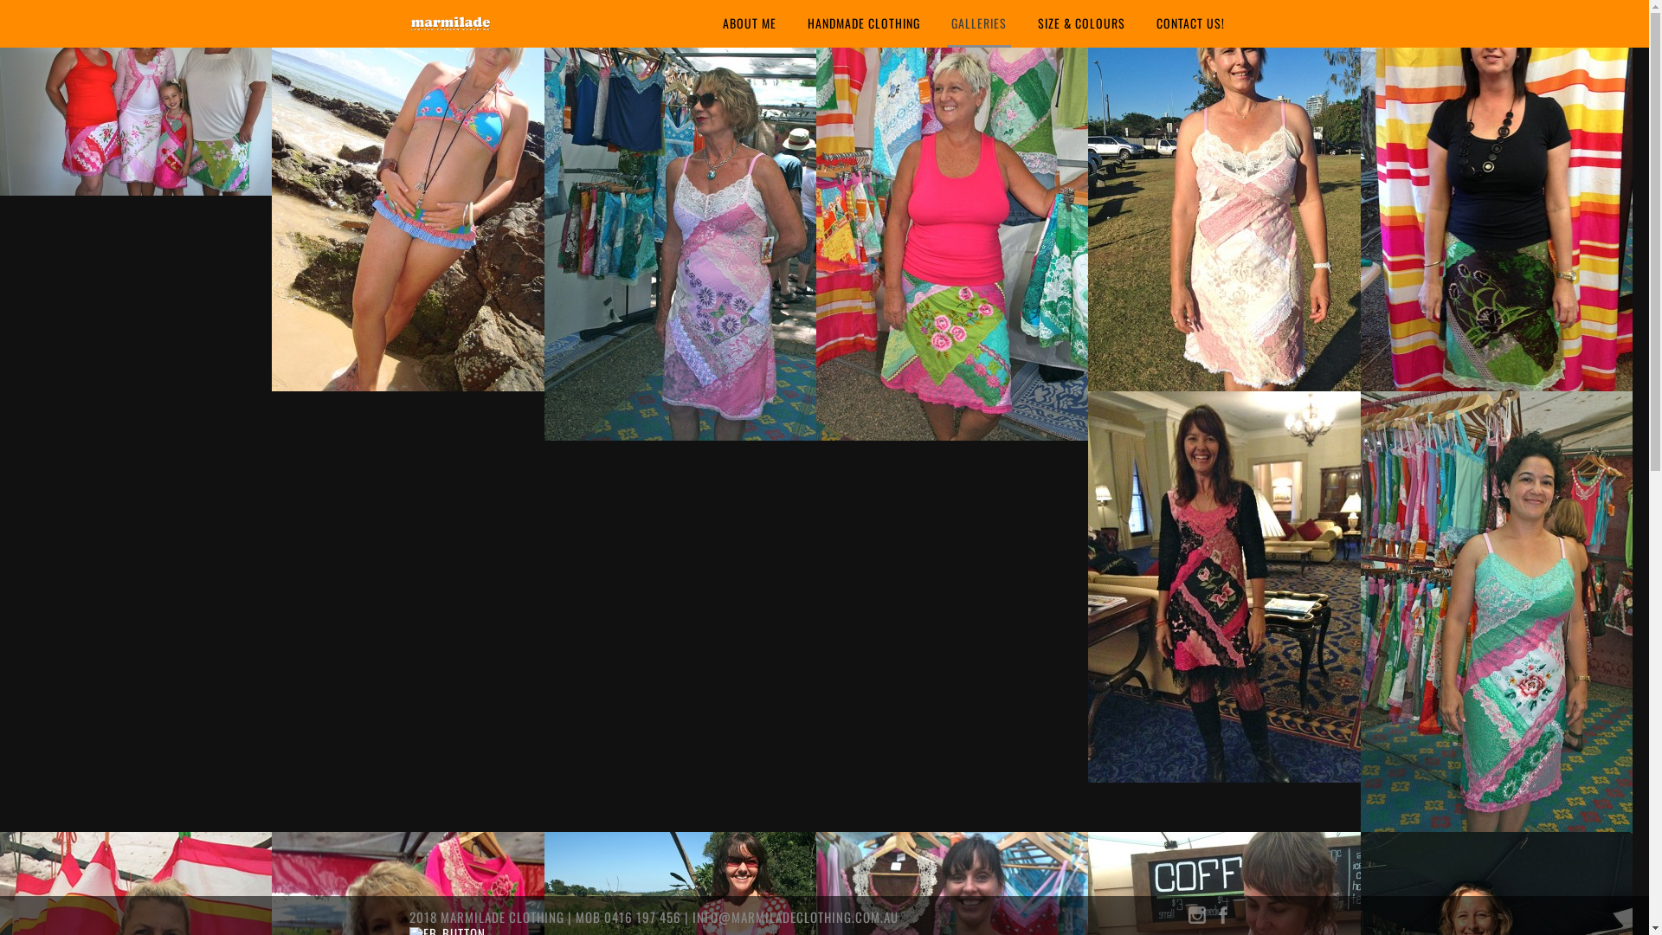 Image resolution: width=1662 pixels, height=935 pixels. Describe the element at coordinates (1221, 918) in the screenshot. I see `'Facebook'` at that location.